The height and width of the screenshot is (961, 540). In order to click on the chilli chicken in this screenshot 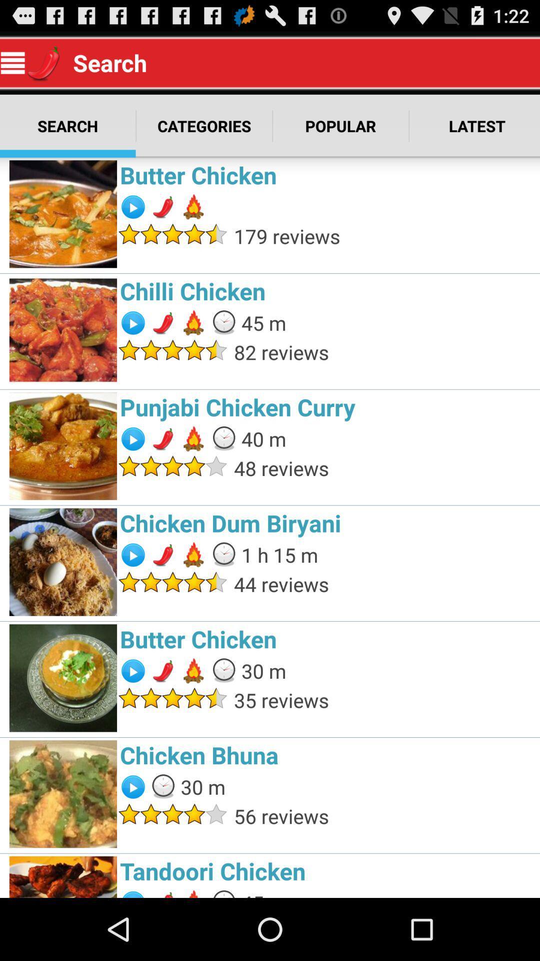, I will do `click(327, 290)`.